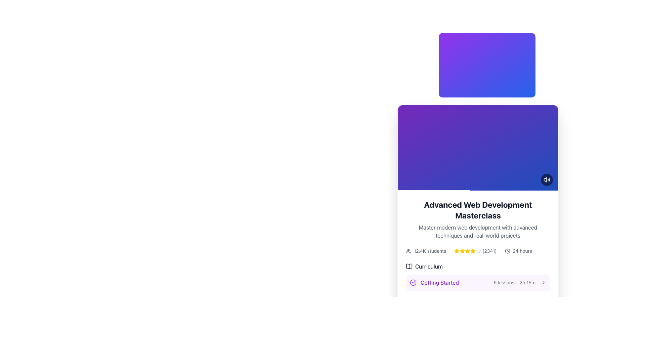 The width and height of the screenshot is (645, 363). I want to click on the clickable list item titled 'Getting Started' with details '6 lessons' and '2h 15m', so click(477, 301).